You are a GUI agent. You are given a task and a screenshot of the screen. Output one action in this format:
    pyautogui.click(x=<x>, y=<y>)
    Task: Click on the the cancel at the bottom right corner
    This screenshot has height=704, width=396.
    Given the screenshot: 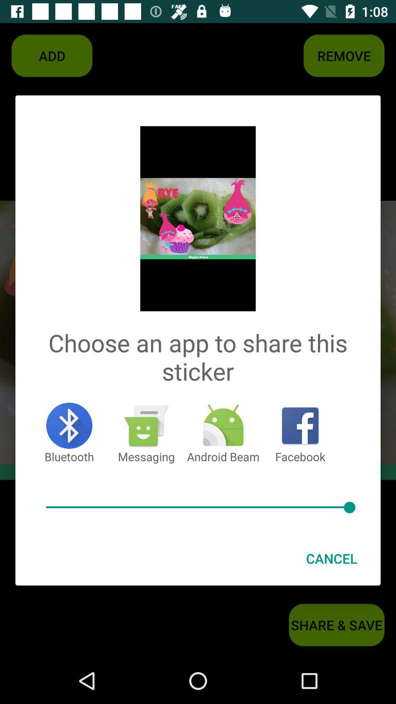 What is the action you would take?
    pyautogui.click(x=331, y=558)
    